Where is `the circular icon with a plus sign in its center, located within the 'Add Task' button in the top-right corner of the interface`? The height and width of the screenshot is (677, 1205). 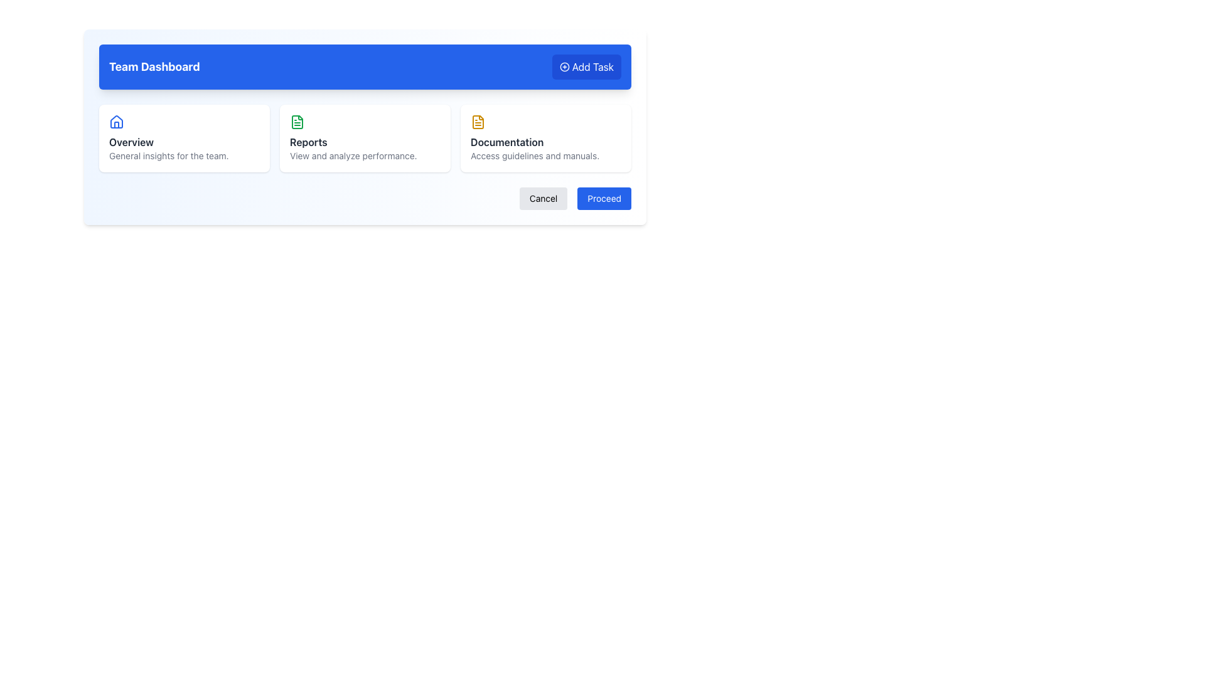
the circular icon with a plus sign in its center, located within the 'Add Task' button in the top-right corner of the interface is located at coordinates (563, 67).